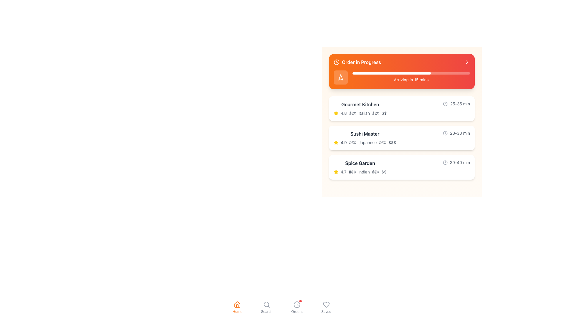 This screenshot has width=564, height=317. I want to click on time estimate displayed in the Time estimate badge for the restaurant 'Sushi Master', which shows '20-30 min' next to a clock icon, so click(456, 133).